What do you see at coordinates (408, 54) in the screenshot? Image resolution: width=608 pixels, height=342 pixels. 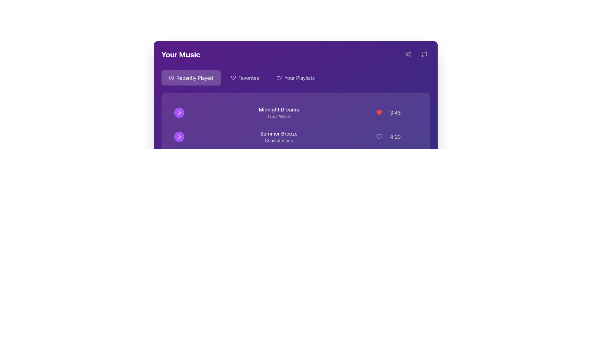 I see `the shuffle button located in the top-right corner of the interface, immediately to the left of the repeat button` at bounding box center [408, 54].